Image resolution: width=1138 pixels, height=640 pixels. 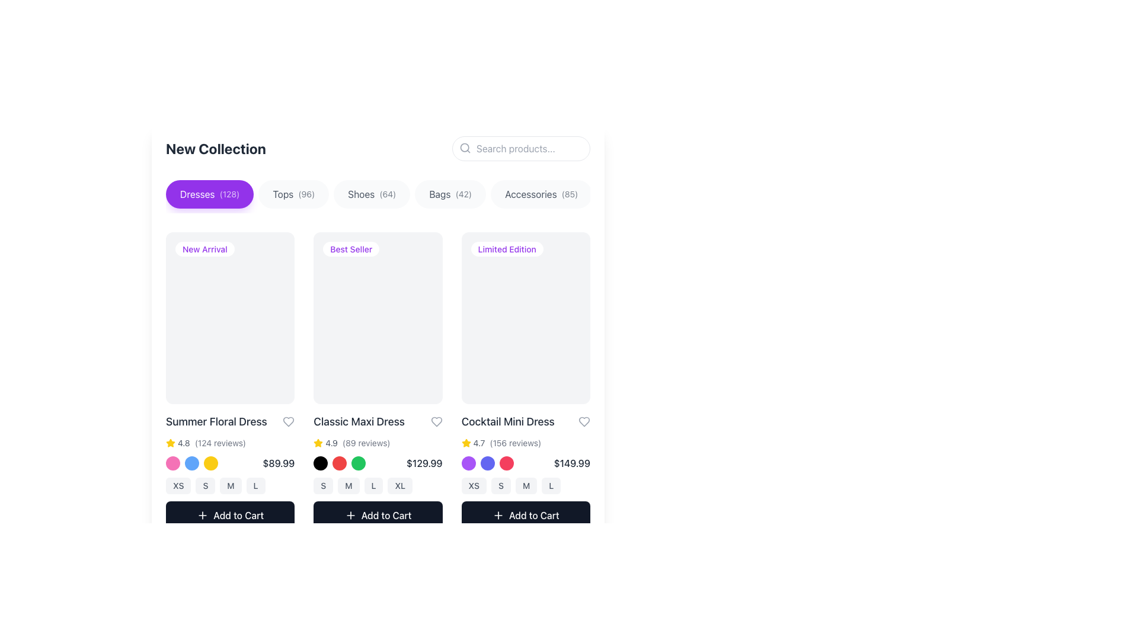 I want to click on to select the second color option (blue) in the horizontal color selection component located under the 'Cocktail Mini Dress' section, positioned to the left of the price $149.99, so click(x=487, y=462).